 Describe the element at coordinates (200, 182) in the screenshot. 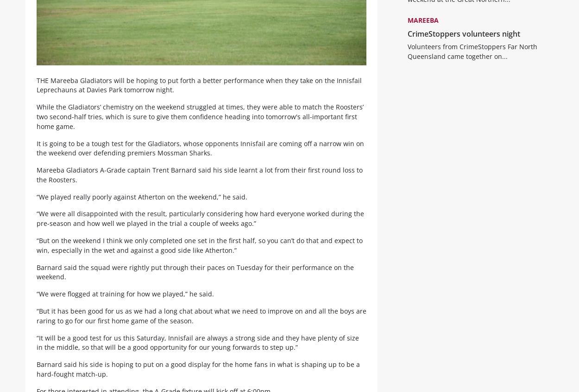

I see `'Mareeba Gladiators A-Grade captain Trent Barnard said his side learnt a lot from their first round loss to the Roosters.'` at that location.